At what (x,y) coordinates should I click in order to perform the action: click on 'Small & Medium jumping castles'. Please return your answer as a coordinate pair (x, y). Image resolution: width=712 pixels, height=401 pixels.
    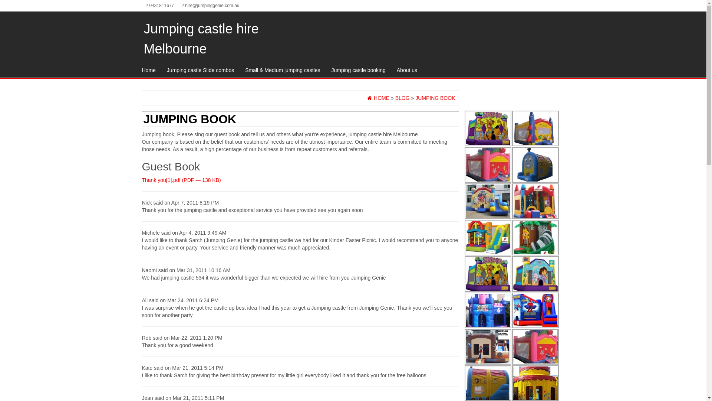
    Looking at the image, I should click on (282, 70).